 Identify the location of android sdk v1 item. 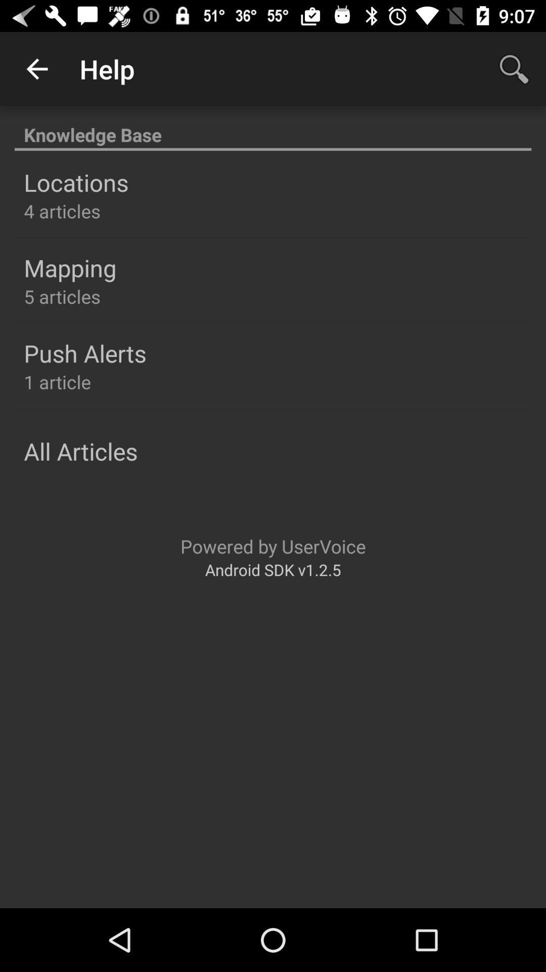
(273, 570).